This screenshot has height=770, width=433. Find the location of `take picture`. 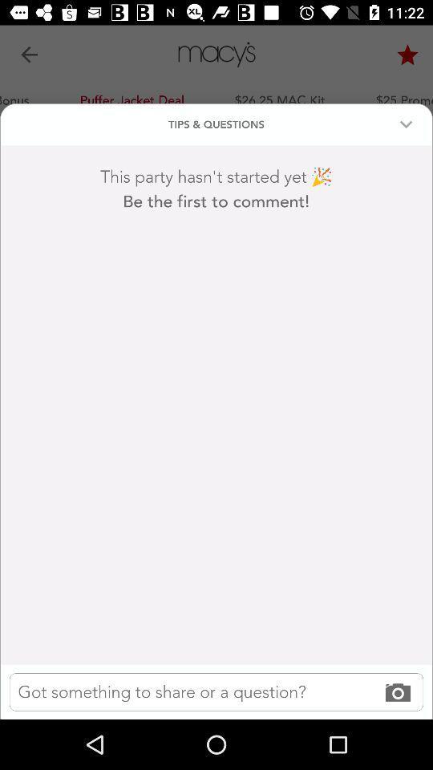

take picture is located at coordinates (216, 691).